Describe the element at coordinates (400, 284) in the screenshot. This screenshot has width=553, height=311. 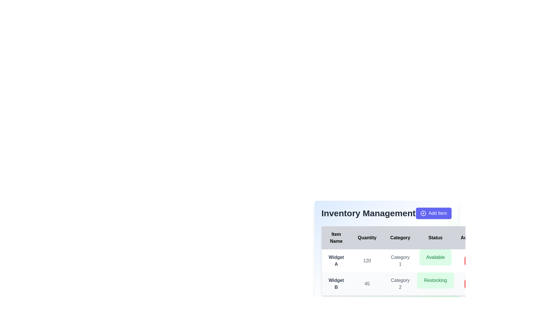
I see `the 'Category 2' text label, which is styled with centered alignment and muted gray font color, located in the third column of the second row of a table structure under the category header` at that location.